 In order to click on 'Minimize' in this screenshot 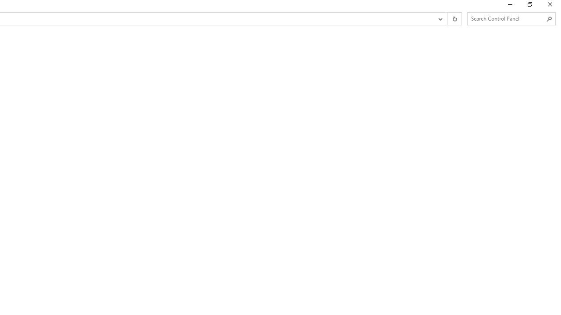, I will do `click(509, 7)`.